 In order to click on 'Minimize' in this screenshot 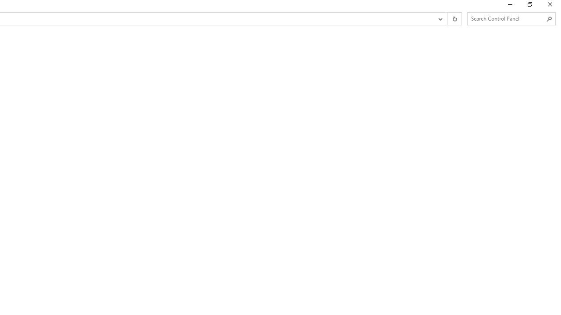, I will do `click(509, 7)`.